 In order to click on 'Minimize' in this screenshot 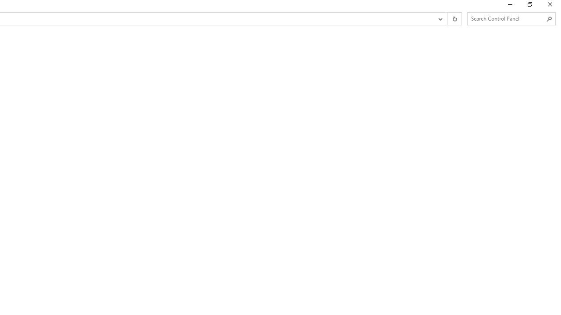, I will do `click(509, 7)`.